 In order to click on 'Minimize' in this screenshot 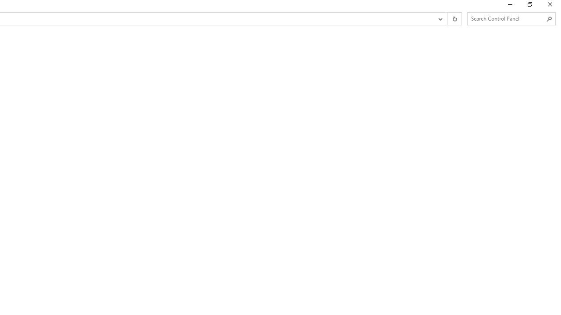, I will do `click(509, 7)`.